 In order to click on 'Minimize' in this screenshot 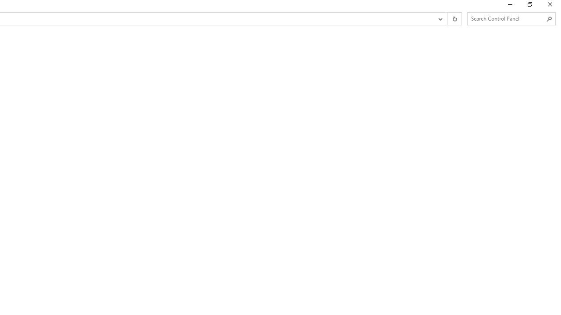, I will do `click(509, 7)`.